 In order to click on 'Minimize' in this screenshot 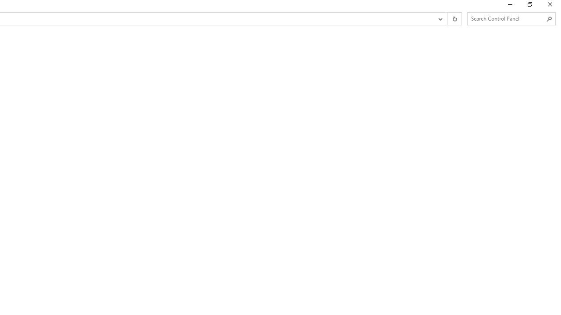, I will do `click(509, 7)`.